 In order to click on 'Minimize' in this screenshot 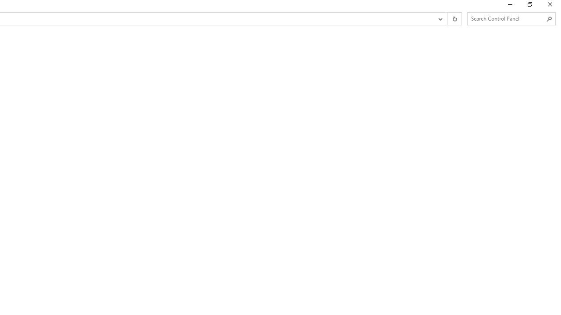, I will do `click(509, 7)`.